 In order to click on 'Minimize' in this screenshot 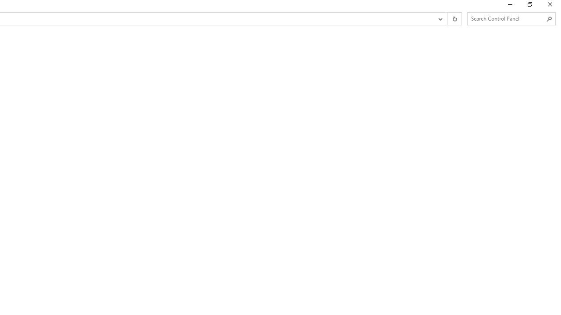, I will do `click(509, 7)`.